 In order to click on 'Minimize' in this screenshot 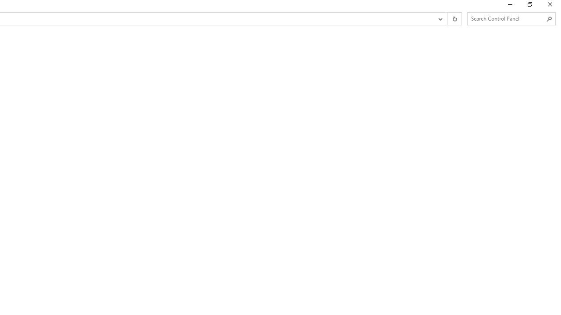, I will do `click(509, 7)`.